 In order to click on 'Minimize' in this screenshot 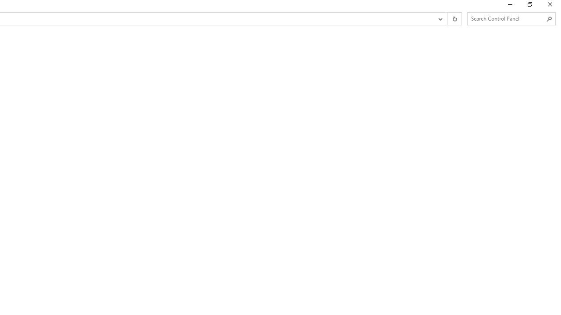, I will do `click(509, 7)`.